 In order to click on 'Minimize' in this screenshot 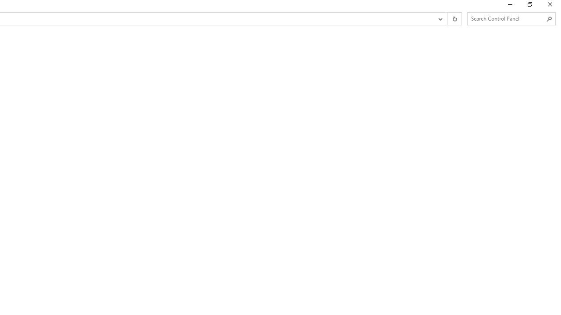, I will do `click(509, 7)`.